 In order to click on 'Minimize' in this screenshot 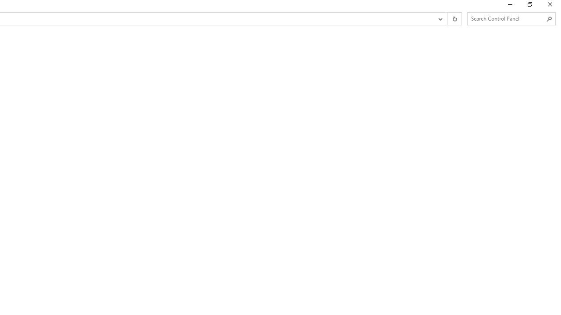, I will do `click(509, 7)`.